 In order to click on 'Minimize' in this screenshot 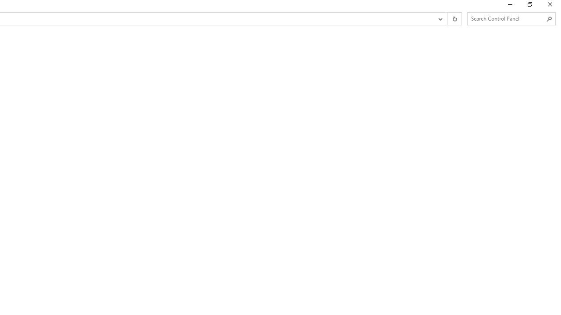, I will do `click(509, 7)`.